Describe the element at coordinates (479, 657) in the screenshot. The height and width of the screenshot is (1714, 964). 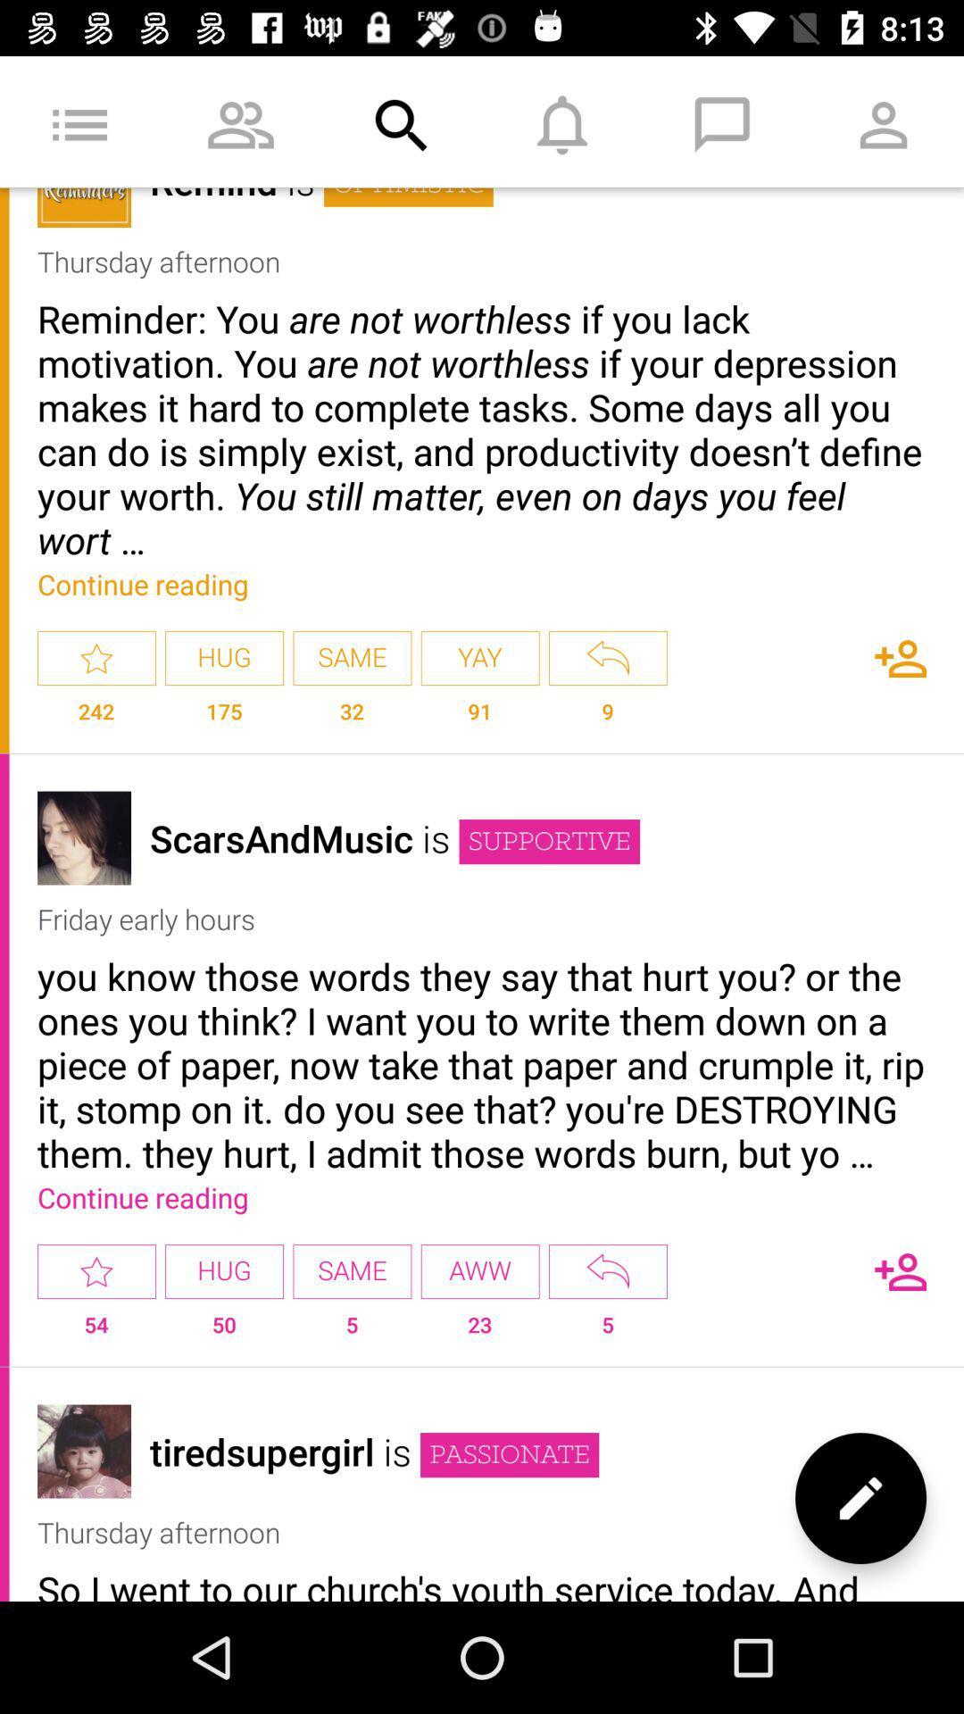
I see `item below the continue reading icon` at that location.